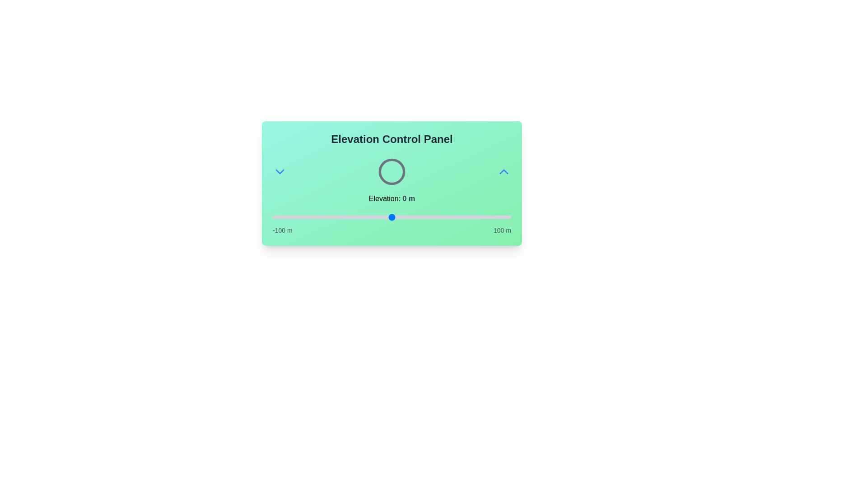 The width and height of the screenshot is (867, 487). What do you see at coordinates (510, 217) in the screenshot?
I see `the elevation to 99 meters using the slider` at bounding box center [510, 217].